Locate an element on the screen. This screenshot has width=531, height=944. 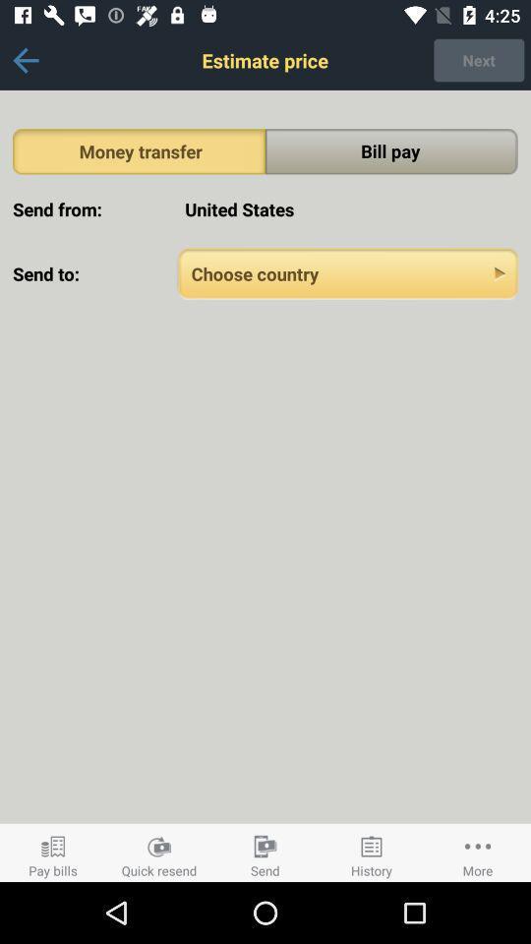
dropdown menu to select country is located at coordinates (347, 272).